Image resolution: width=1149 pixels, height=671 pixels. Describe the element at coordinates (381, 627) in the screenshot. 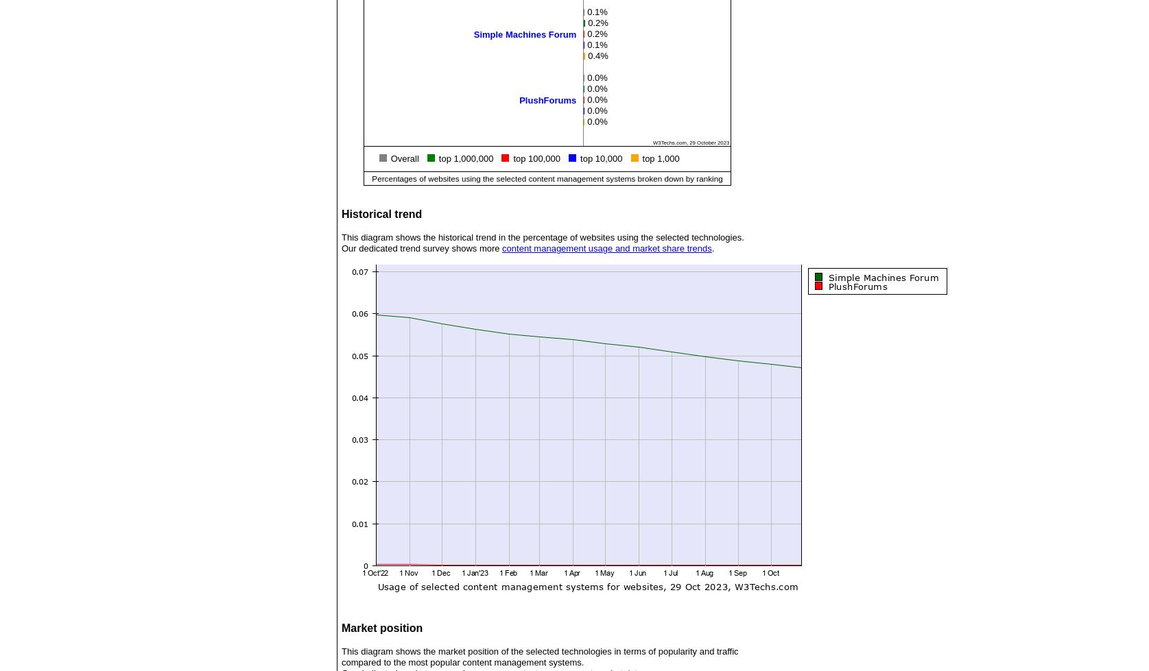

I see `'Market position'` at that location.